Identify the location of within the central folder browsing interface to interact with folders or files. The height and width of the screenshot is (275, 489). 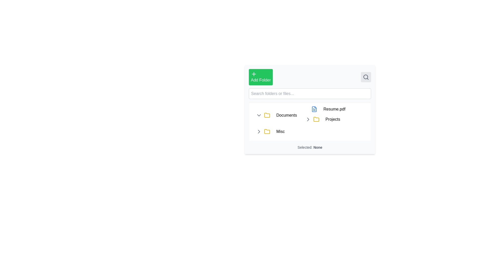
(310, 109).